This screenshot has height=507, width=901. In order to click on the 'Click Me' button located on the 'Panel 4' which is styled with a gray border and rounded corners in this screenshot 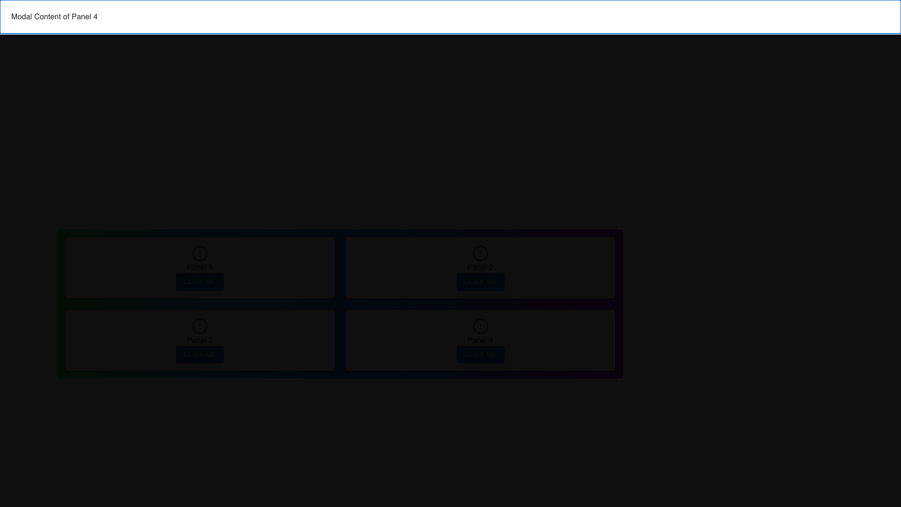, I will do `click(480, 340)`.